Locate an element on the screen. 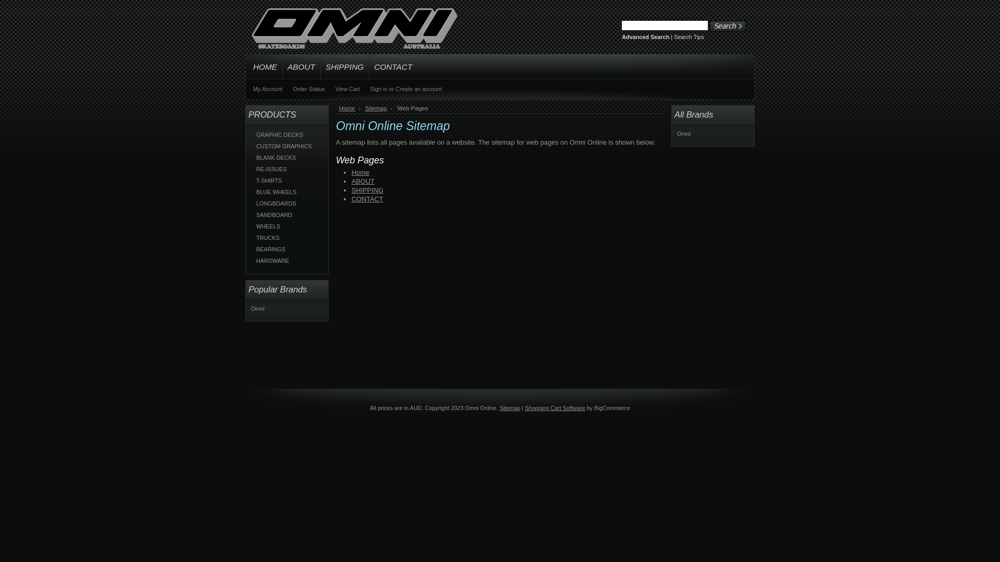  'My Account' is located at coordinates (267, 88).